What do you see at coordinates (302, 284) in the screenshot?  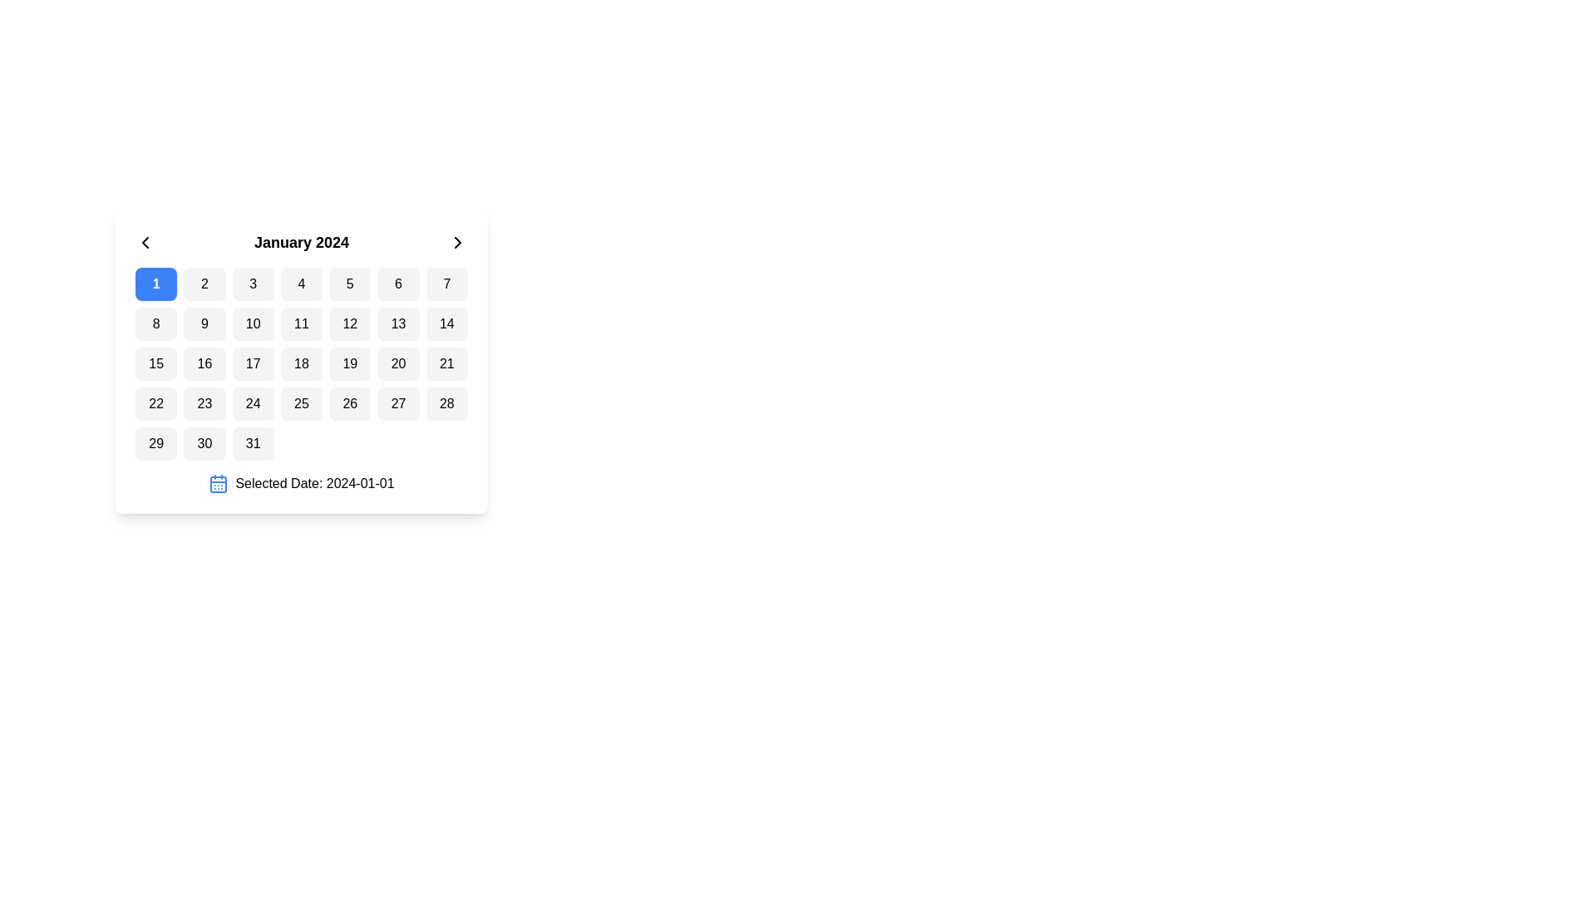 I see `the fourth button in the topmost row of the calendar grid` at bounding box center [302, 284].